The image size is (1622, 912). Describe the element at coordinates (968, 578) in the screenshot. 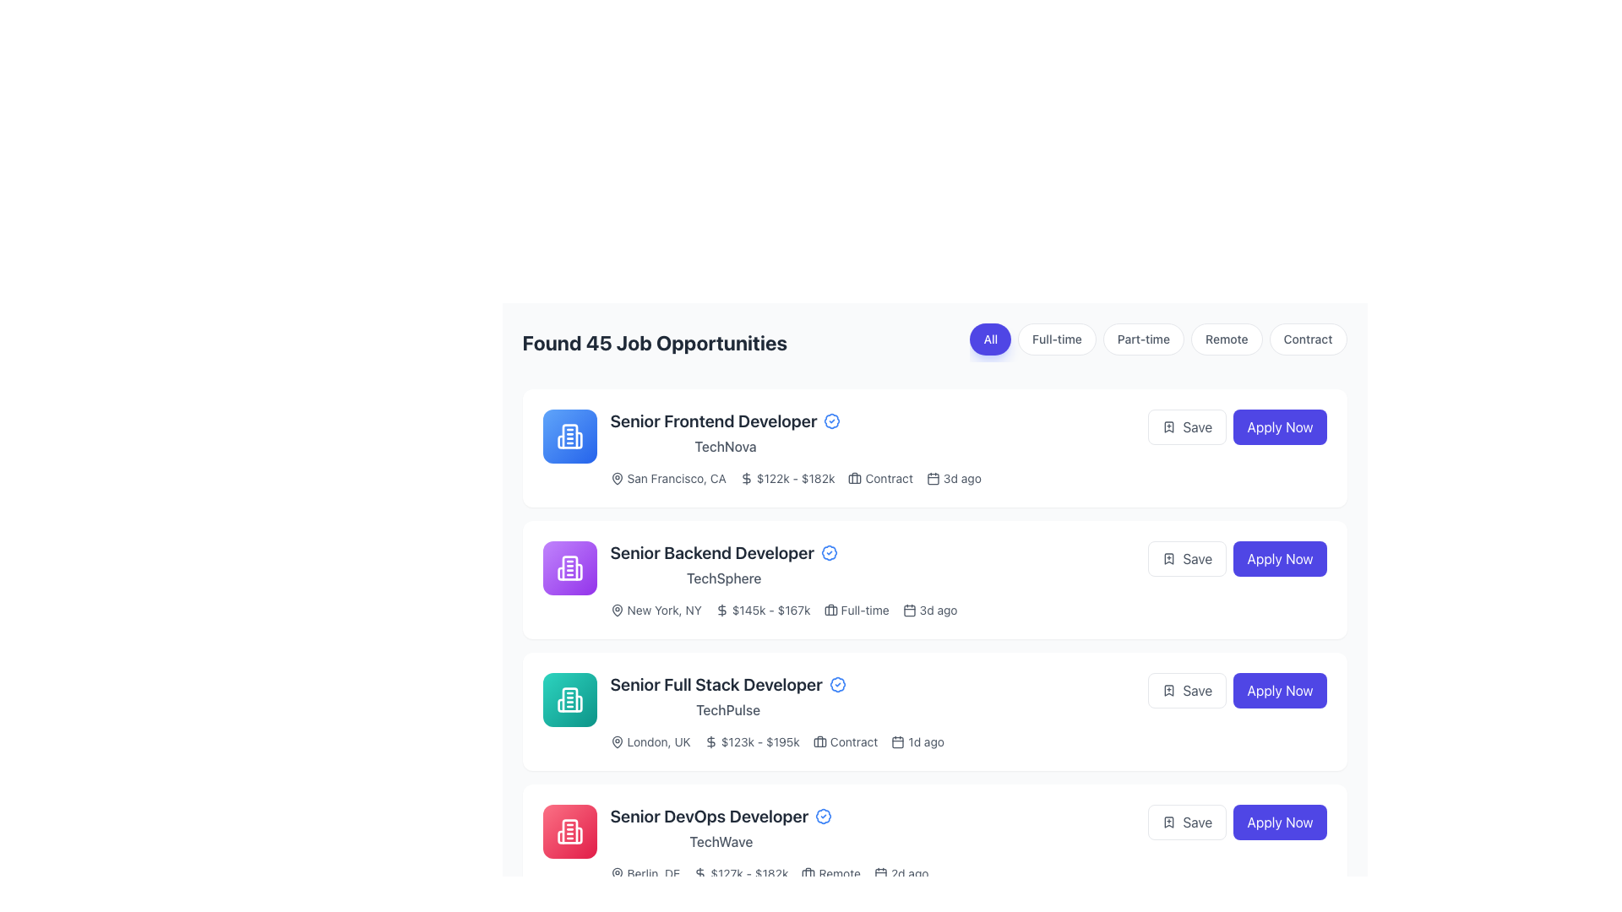

I see `the job posting card located in the second position within the list of job postings` at that location.